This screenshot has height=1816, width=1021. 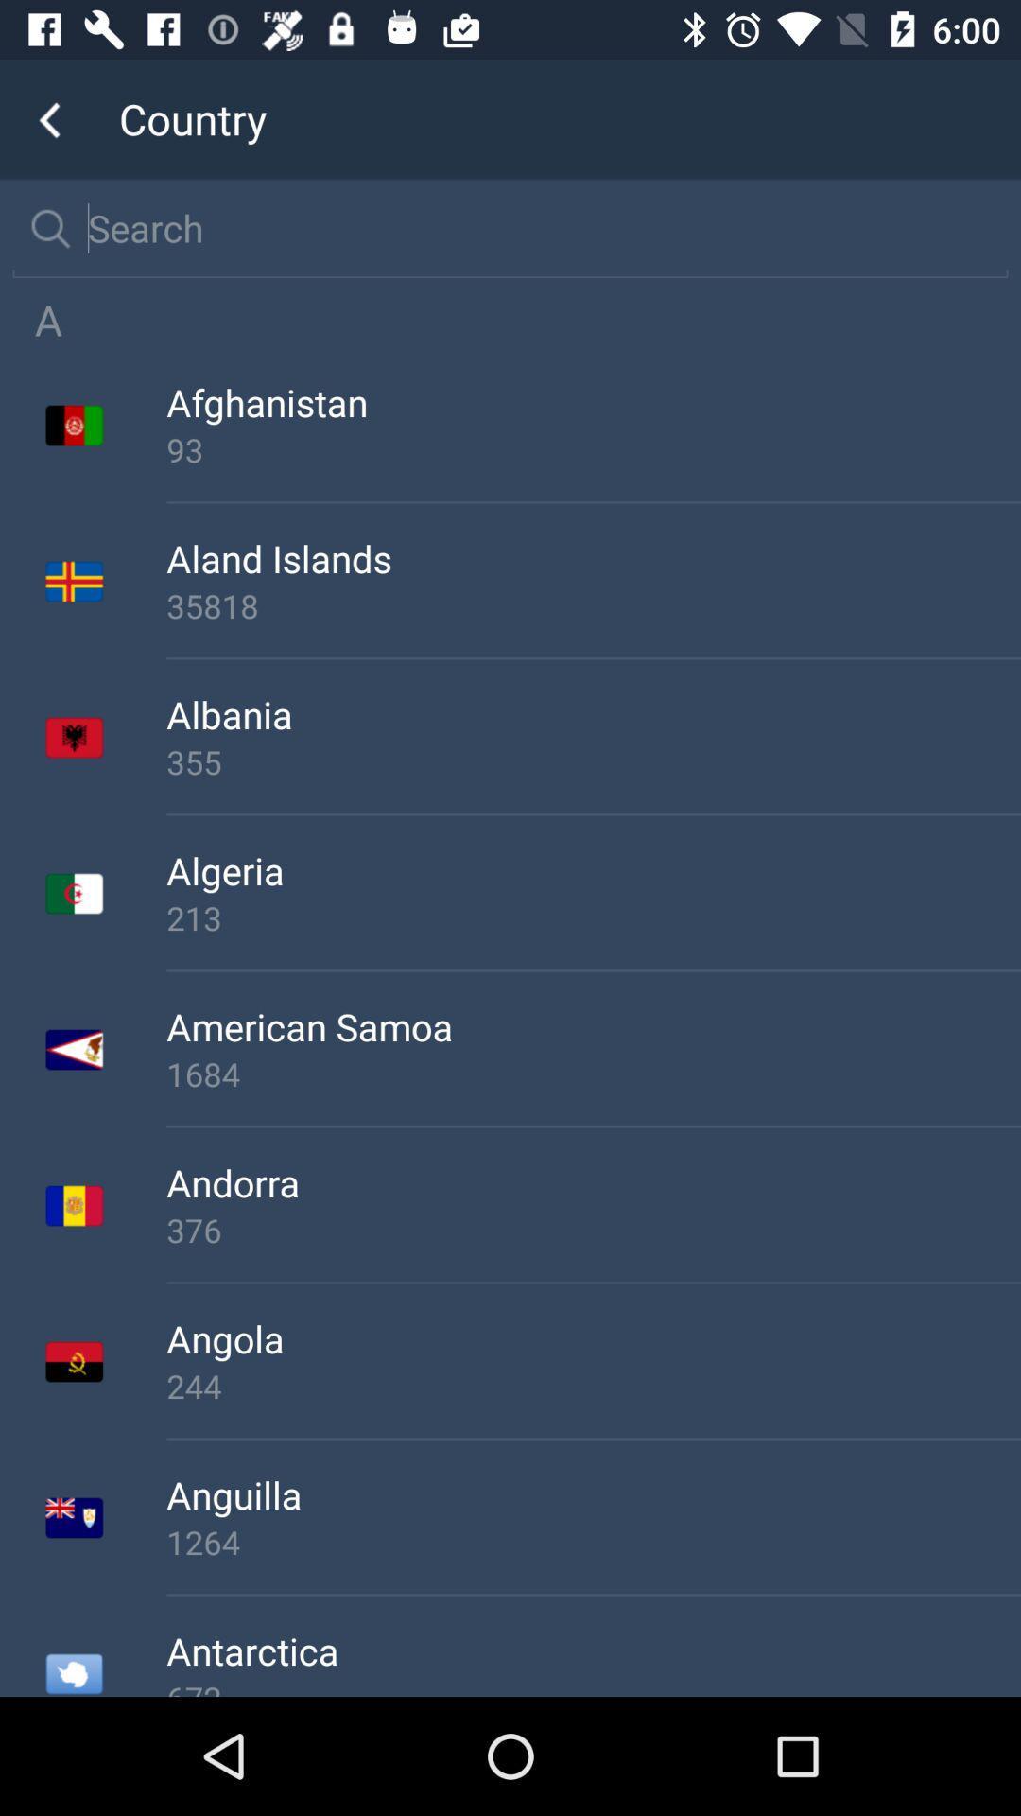 What do you see at coordinates (593, 713) in the screenshot?
I see `the albania icon` at bounding box center [593, 713].